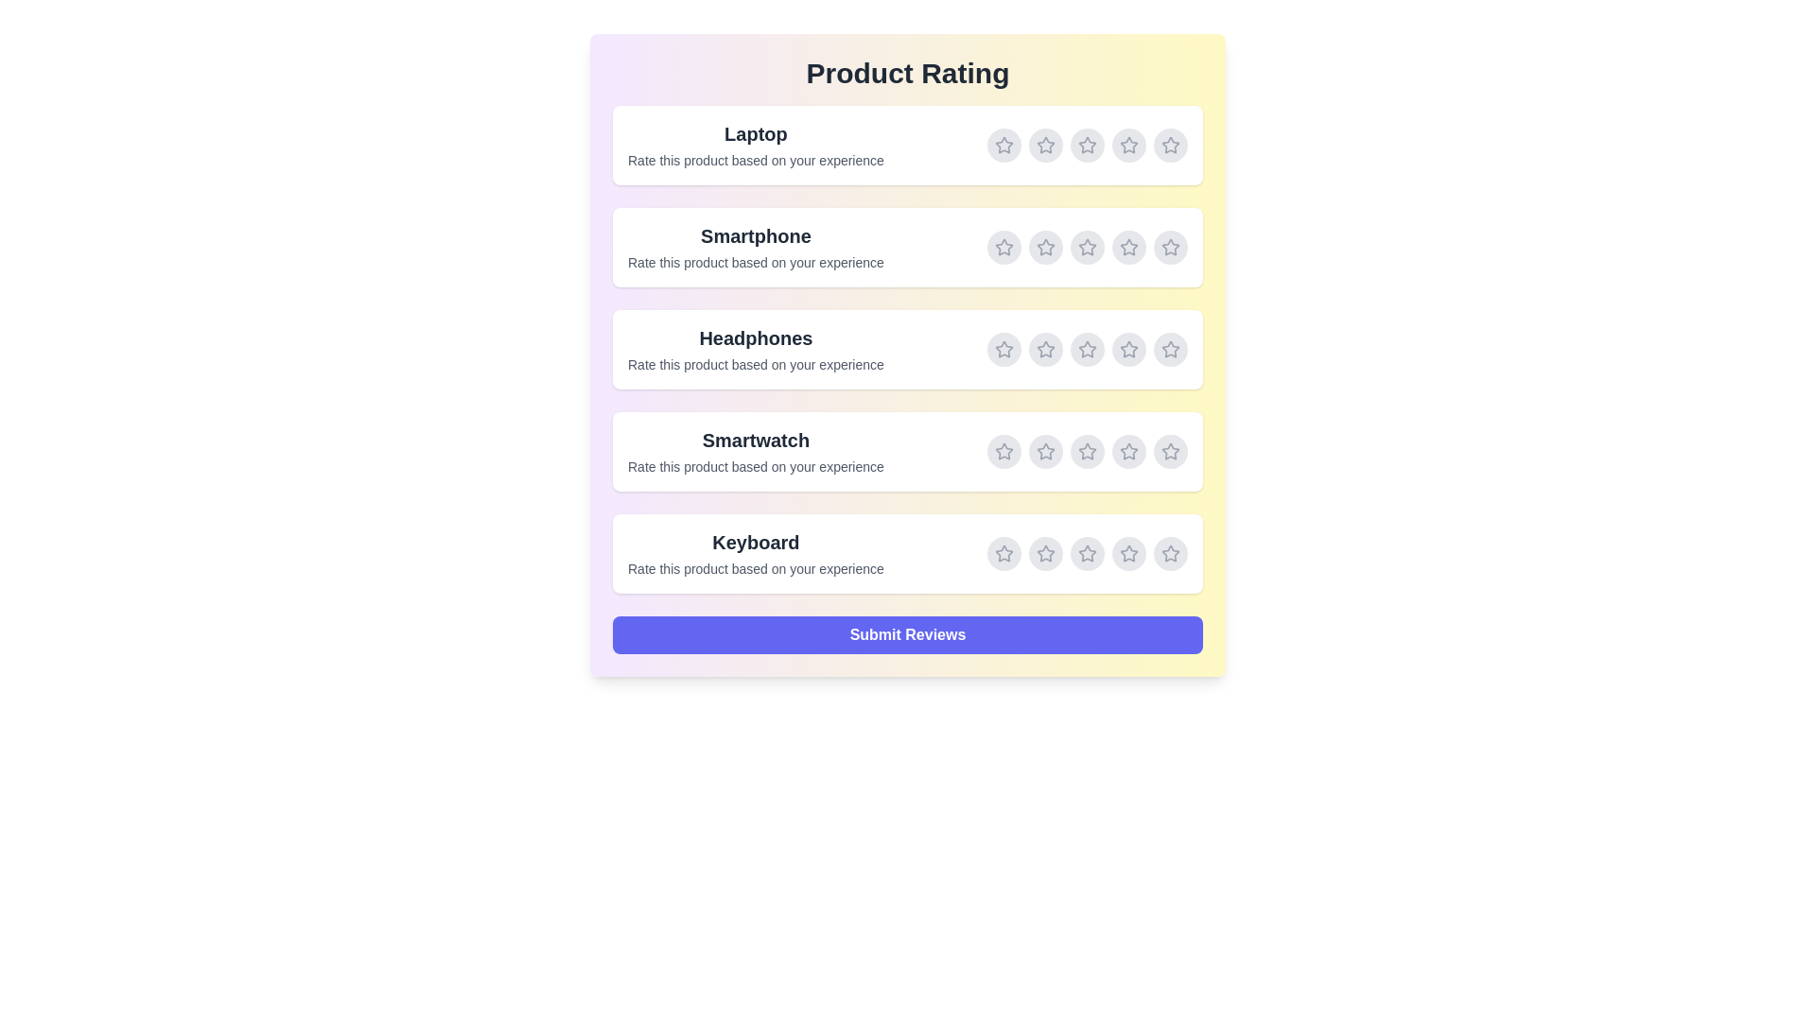 The height and width of the screenshot is (1021, 1816). I want to click on the rating for Smartwatch to 1 stars, so click(1003, 452).